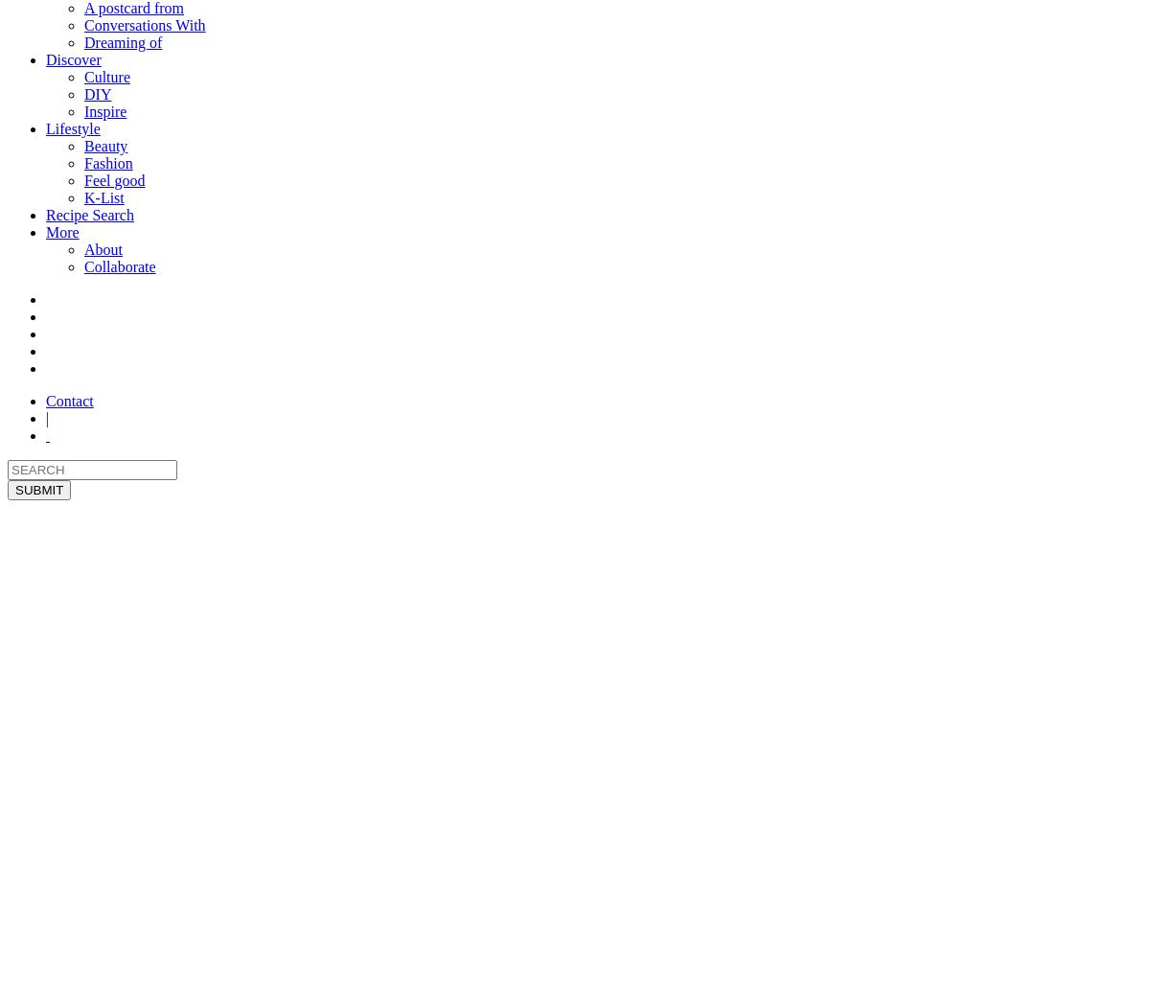 Image resolution: width=1150 pixels, height=990 pixels. What do you see at coordinates (144, 25) in the screenshot?
I see `'Conversations With'` at bounding box center [144, 25].